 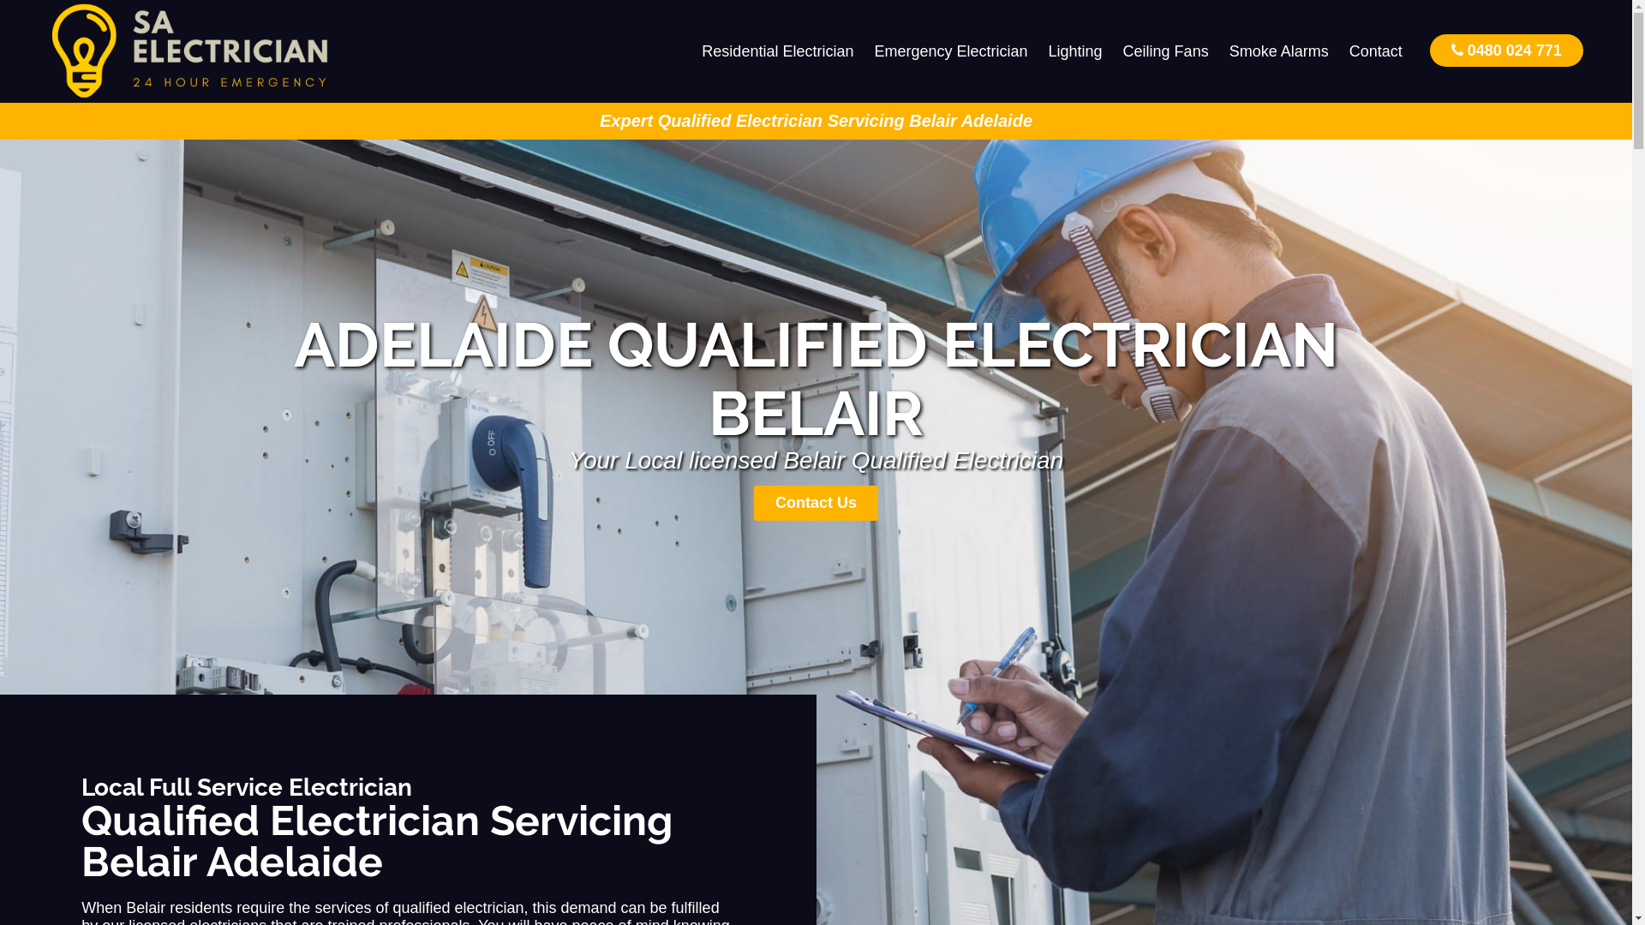 What do you see at coordinates (776, 51) in the screenshot?
I see `'Residential Electrician'` at bounding box center [776, 51].